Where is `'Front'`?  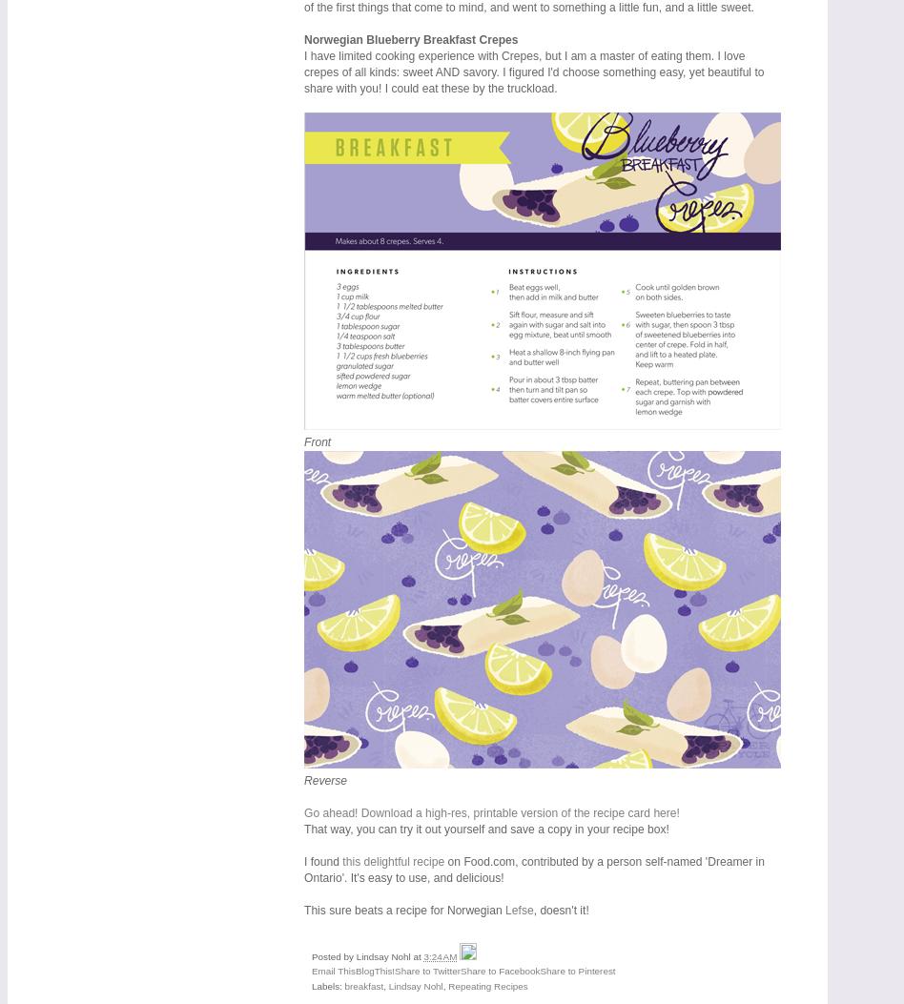
'Front' is located at coordinates (318, 441).